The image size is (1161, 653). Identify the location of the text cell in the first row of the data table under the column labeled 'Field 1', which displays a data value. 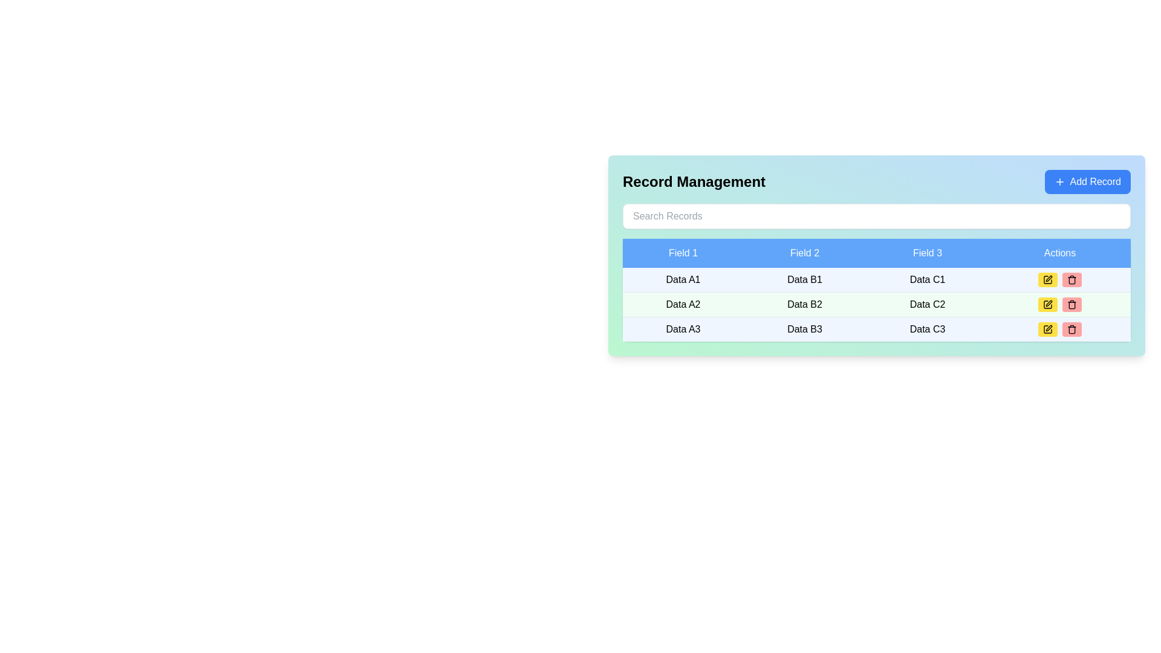
(683, 280).